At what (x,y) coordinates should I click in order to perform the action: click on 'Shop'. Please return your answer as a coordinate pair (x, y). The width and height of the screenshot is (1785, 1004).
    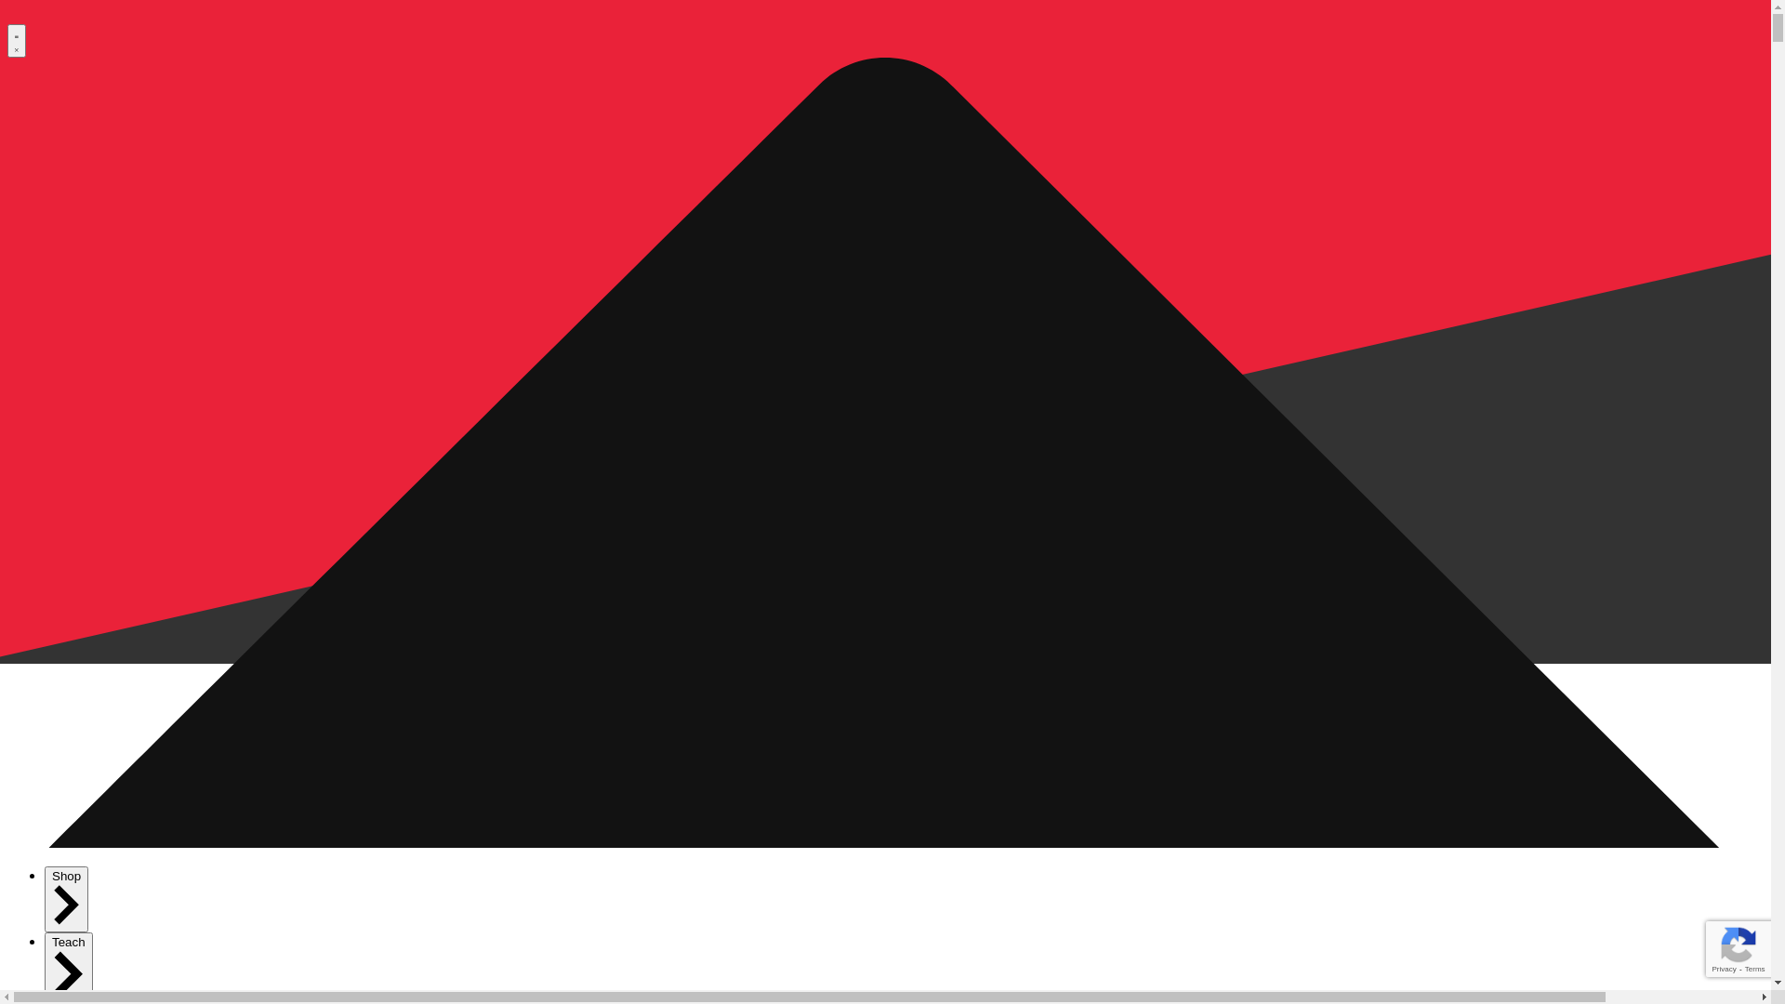
    Looking at the image, I should click on (66, 898).